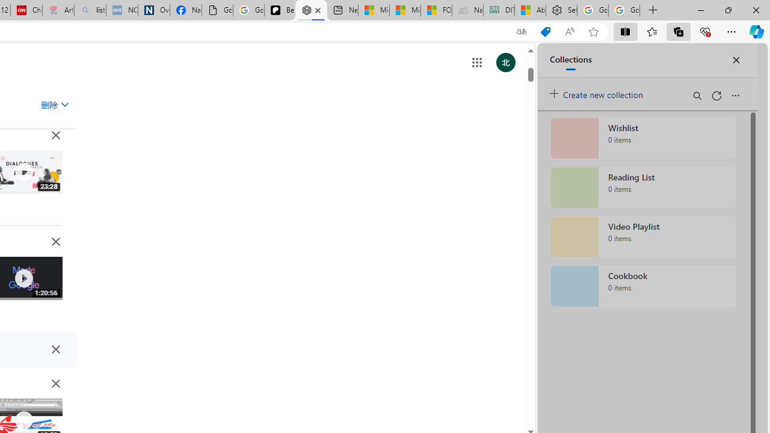 The image size is (770, 433). What do you see at coordinates (217, 10) in the screenshot?
I see `'Google Analytics Opt-out Browser Add-on Download Page'` at bounding box center [217, 10].